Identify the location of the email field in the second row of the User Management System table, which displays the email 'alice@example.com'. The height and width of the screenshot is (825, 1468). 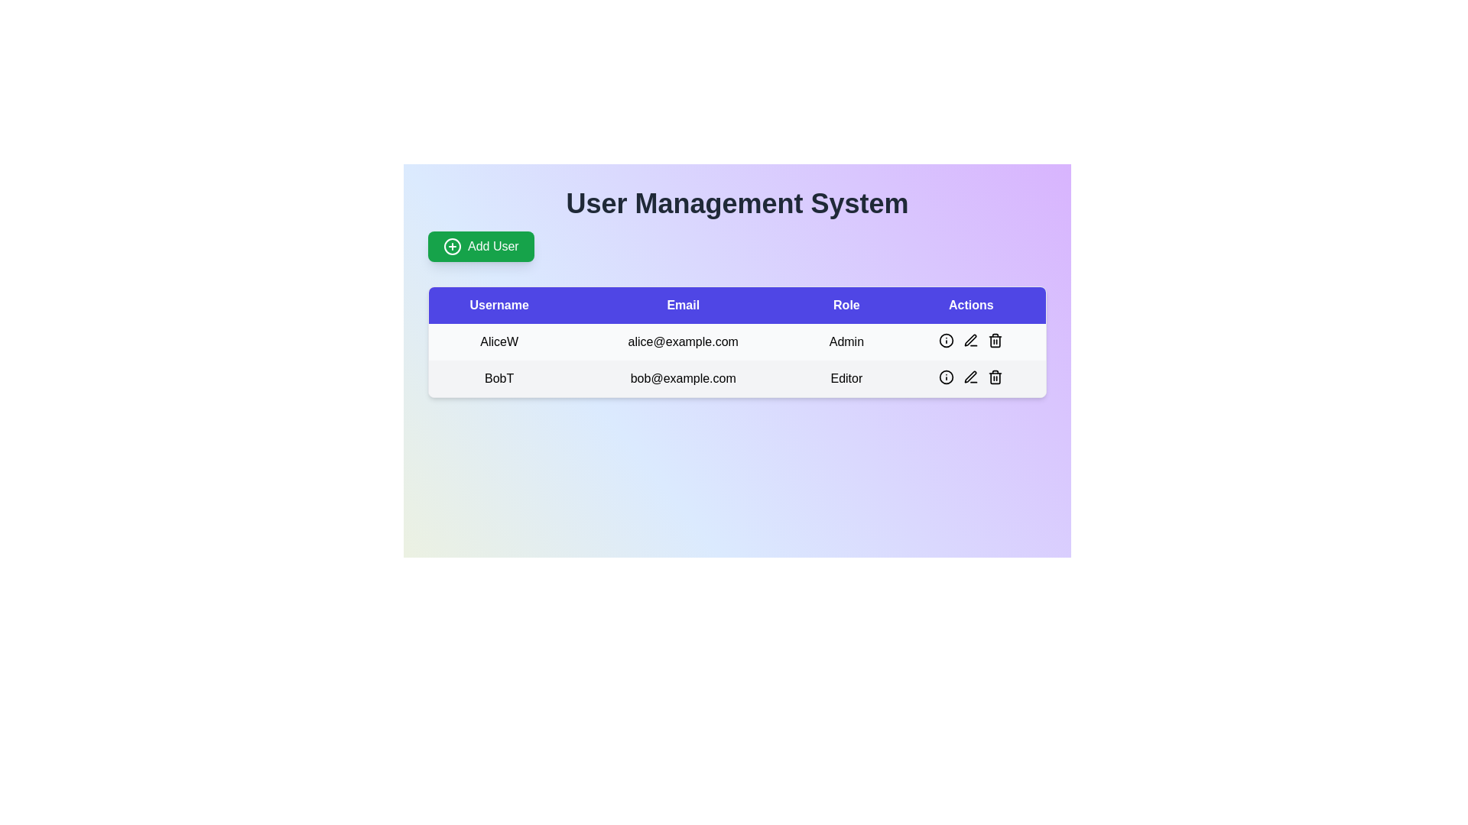
(737, 360).